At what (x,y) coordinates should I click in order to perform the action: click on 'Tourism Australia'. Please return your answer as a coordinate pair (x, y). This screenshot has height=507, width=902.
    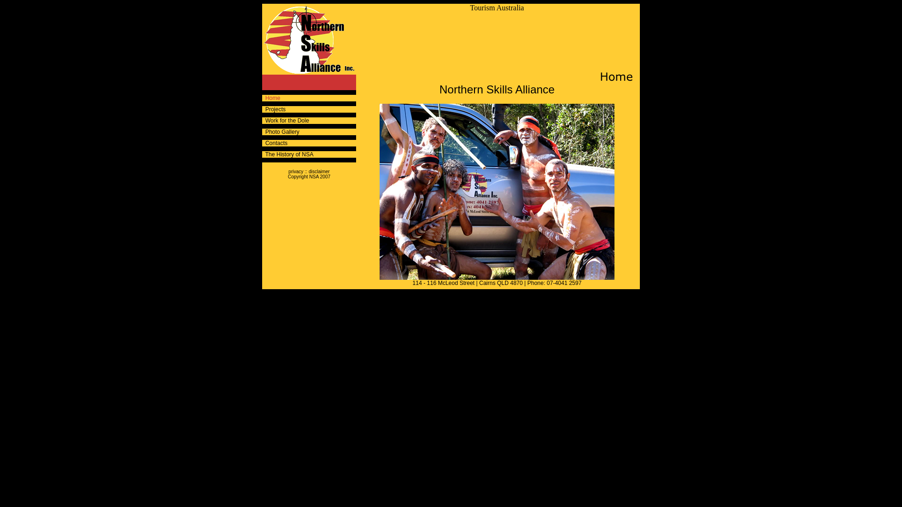
    Looking at the image, I should click on (470, 8).